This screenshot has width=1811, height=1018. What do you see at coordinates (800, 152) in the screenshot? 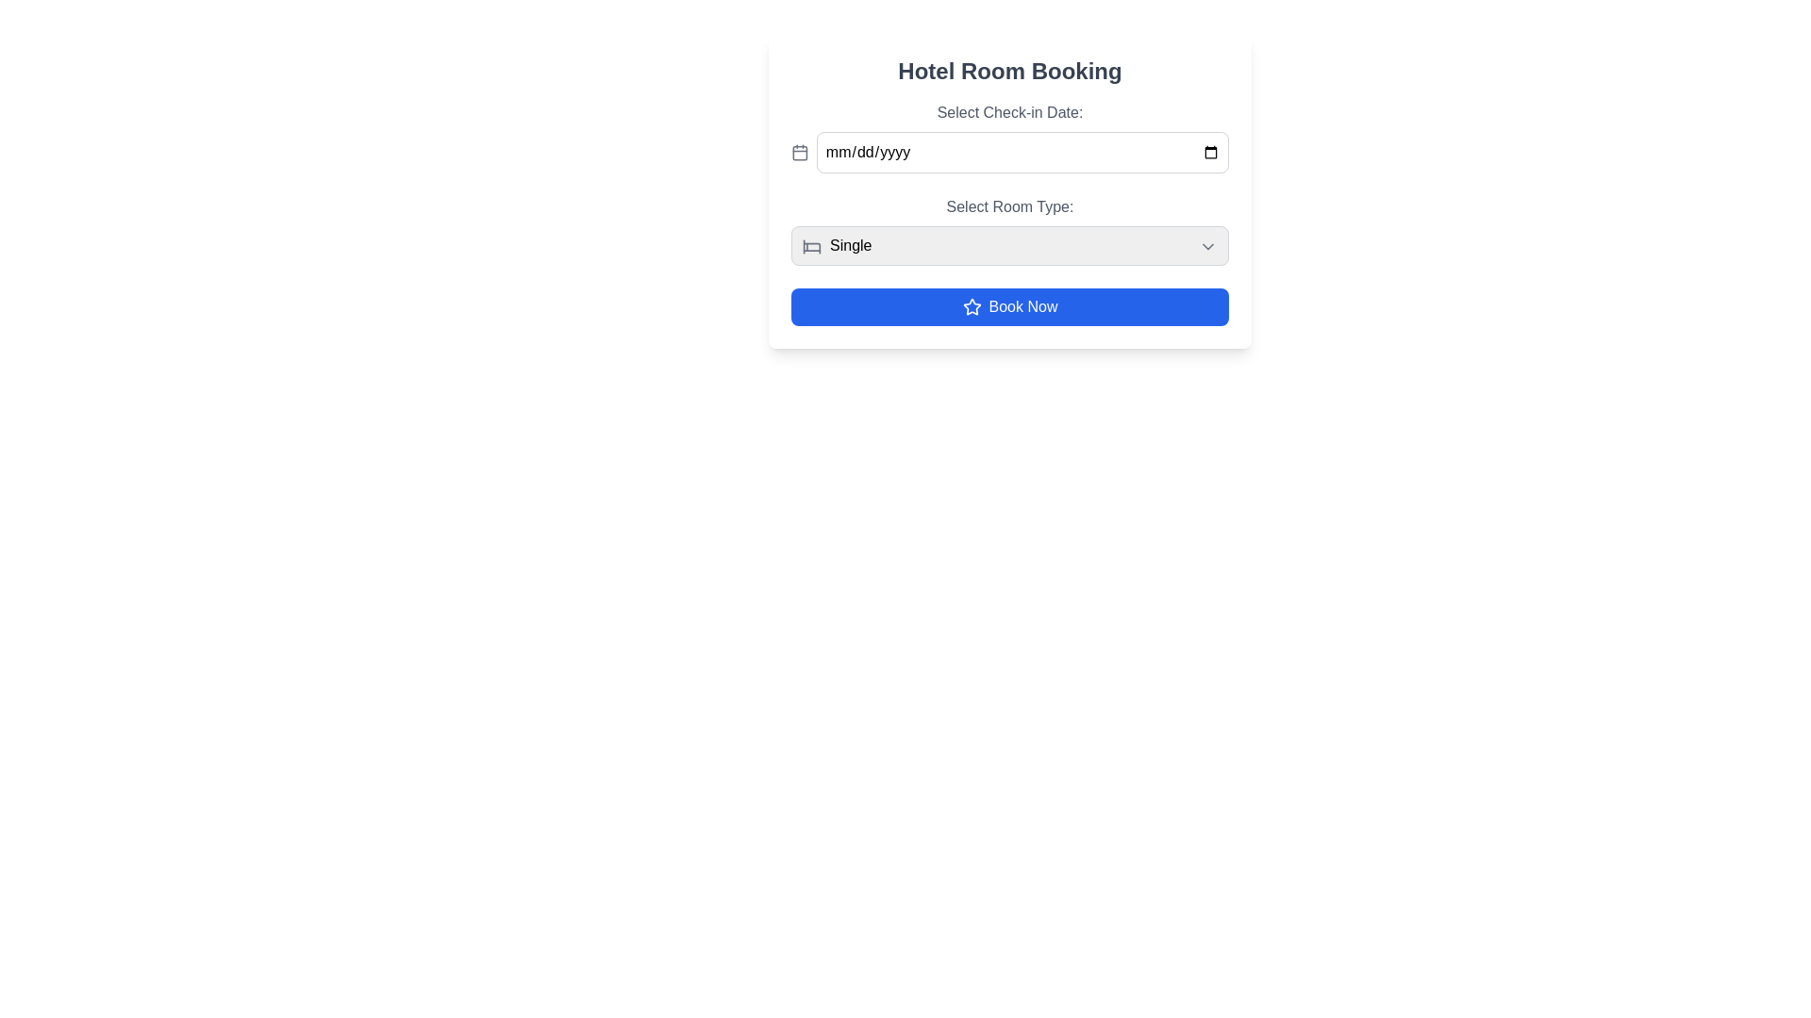
I see `the central rounded rectangle feature of the calendar icon located at the top left of the 'Select Check-in Date' field` at bounding box center [800, 152].